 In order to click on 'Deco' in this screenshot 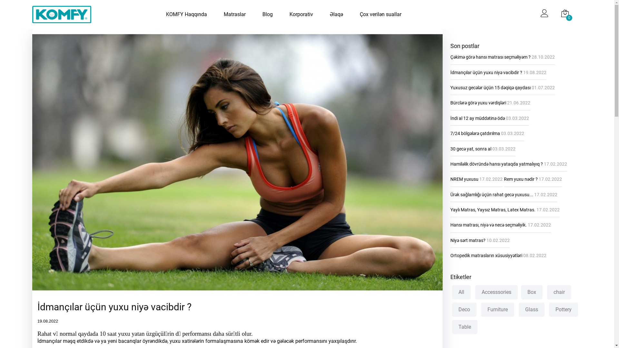, I will do `click(464, 309)`.